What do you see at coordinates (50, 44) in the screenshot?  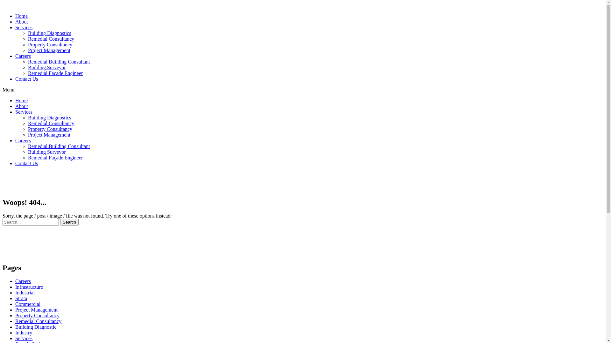 I see `'Property Consultancy'` at bounding box center [50, 44].